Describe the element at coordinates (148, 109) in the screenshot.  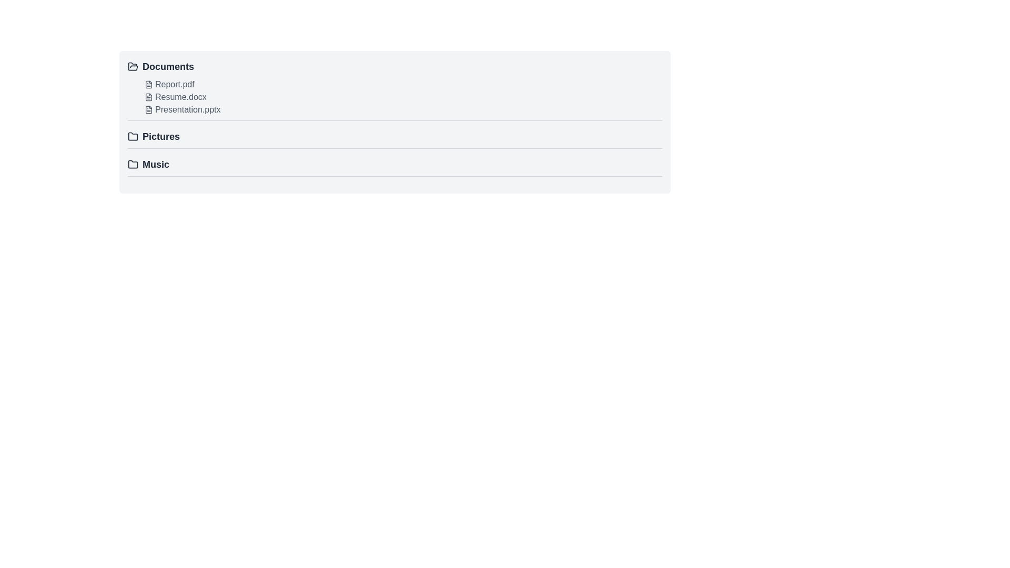
I see `the decorative graphical component that represents the outline of the document icon next to the 'Presentation.pptx' text entry in the 'Documents' folder section` at that location.